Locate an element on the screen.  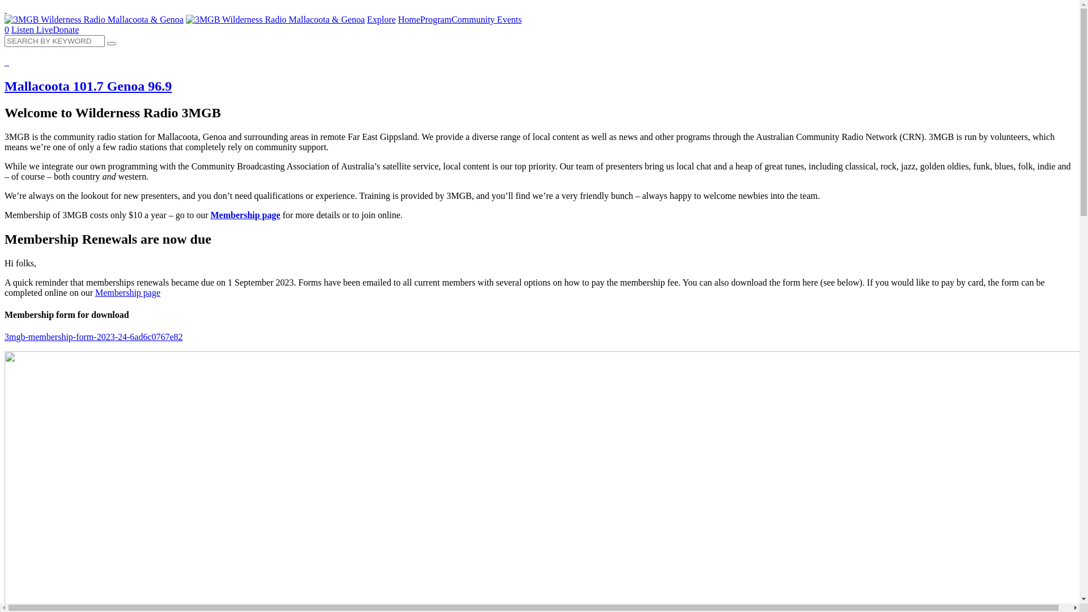
'Membership page' is located at coordinates (245, 215).